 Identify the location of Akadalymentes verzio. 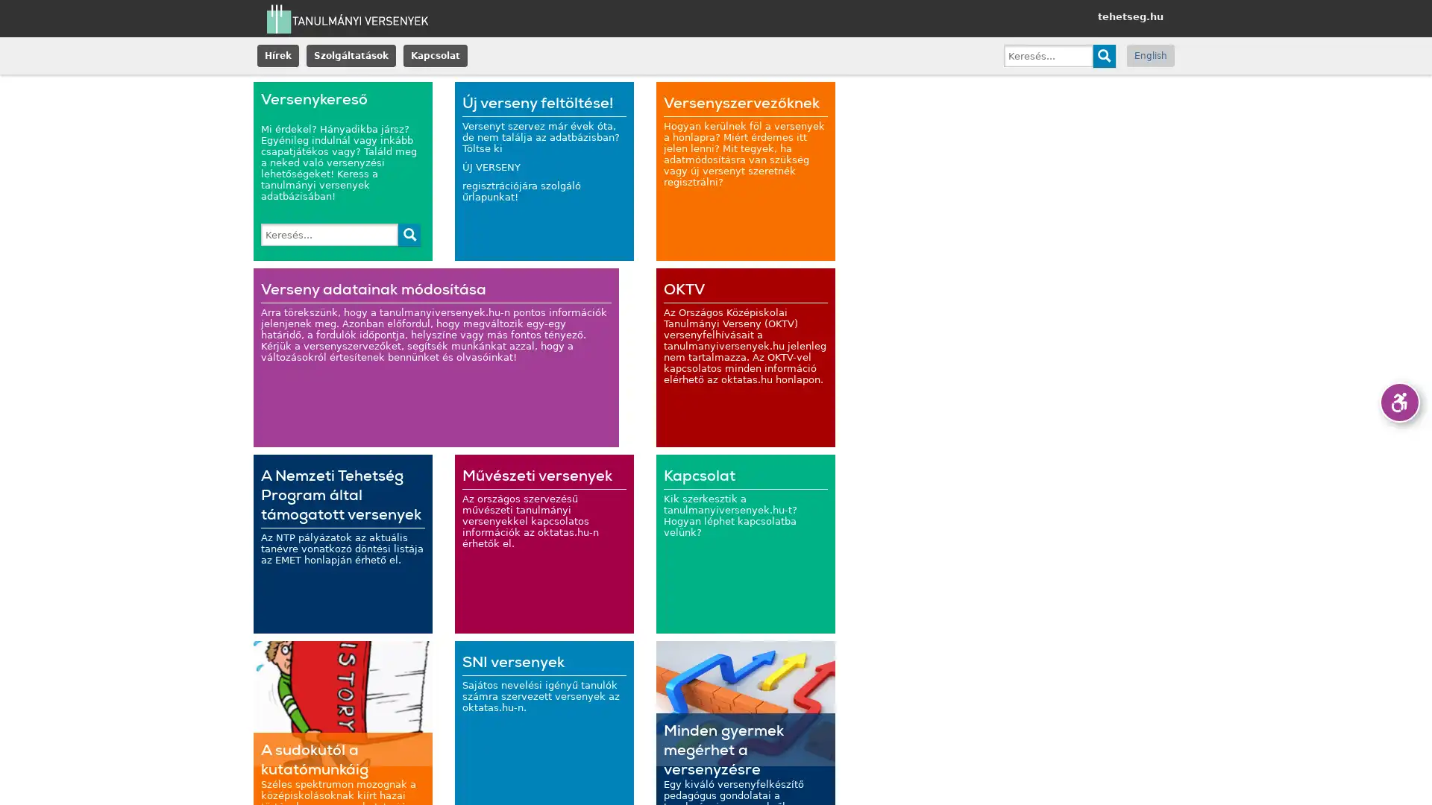
(1398, 402).